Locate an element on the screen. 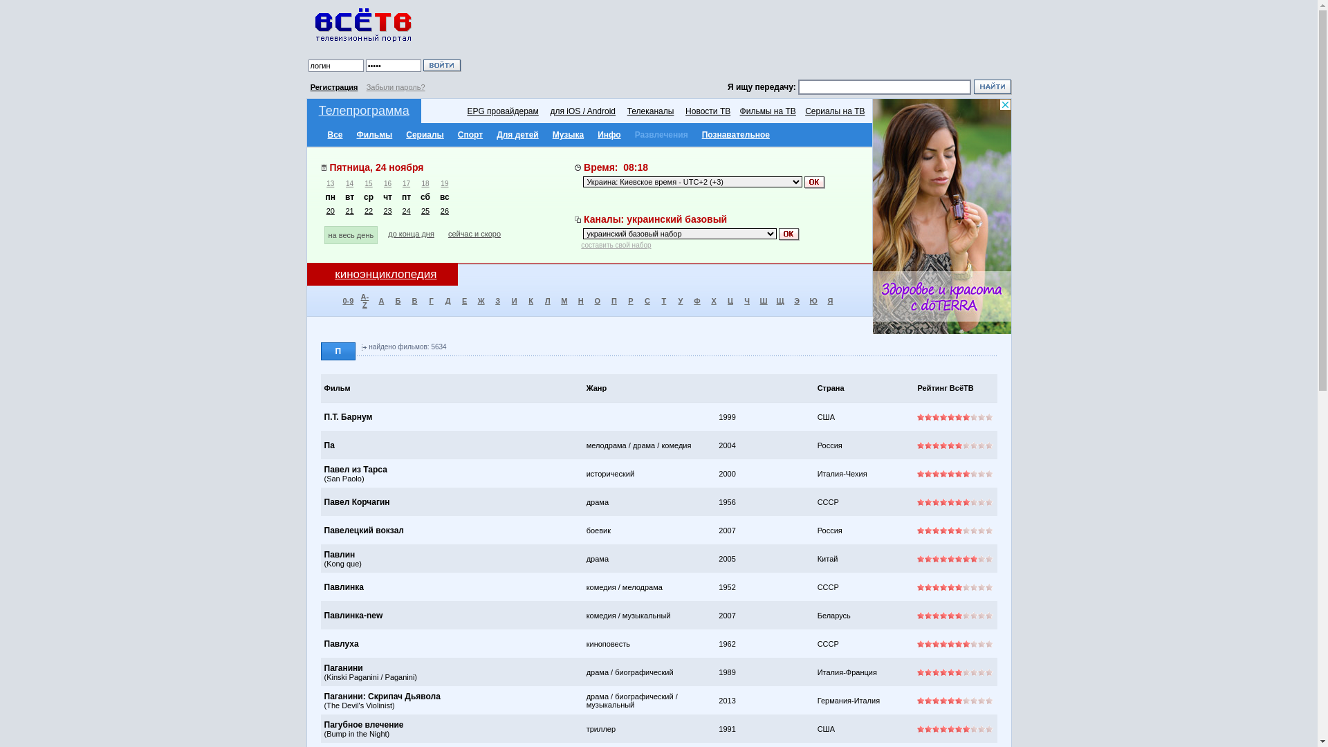 Image resolution: width=1328 pixels, height=747 pixels. '16' is located at coordinates (387, 183).